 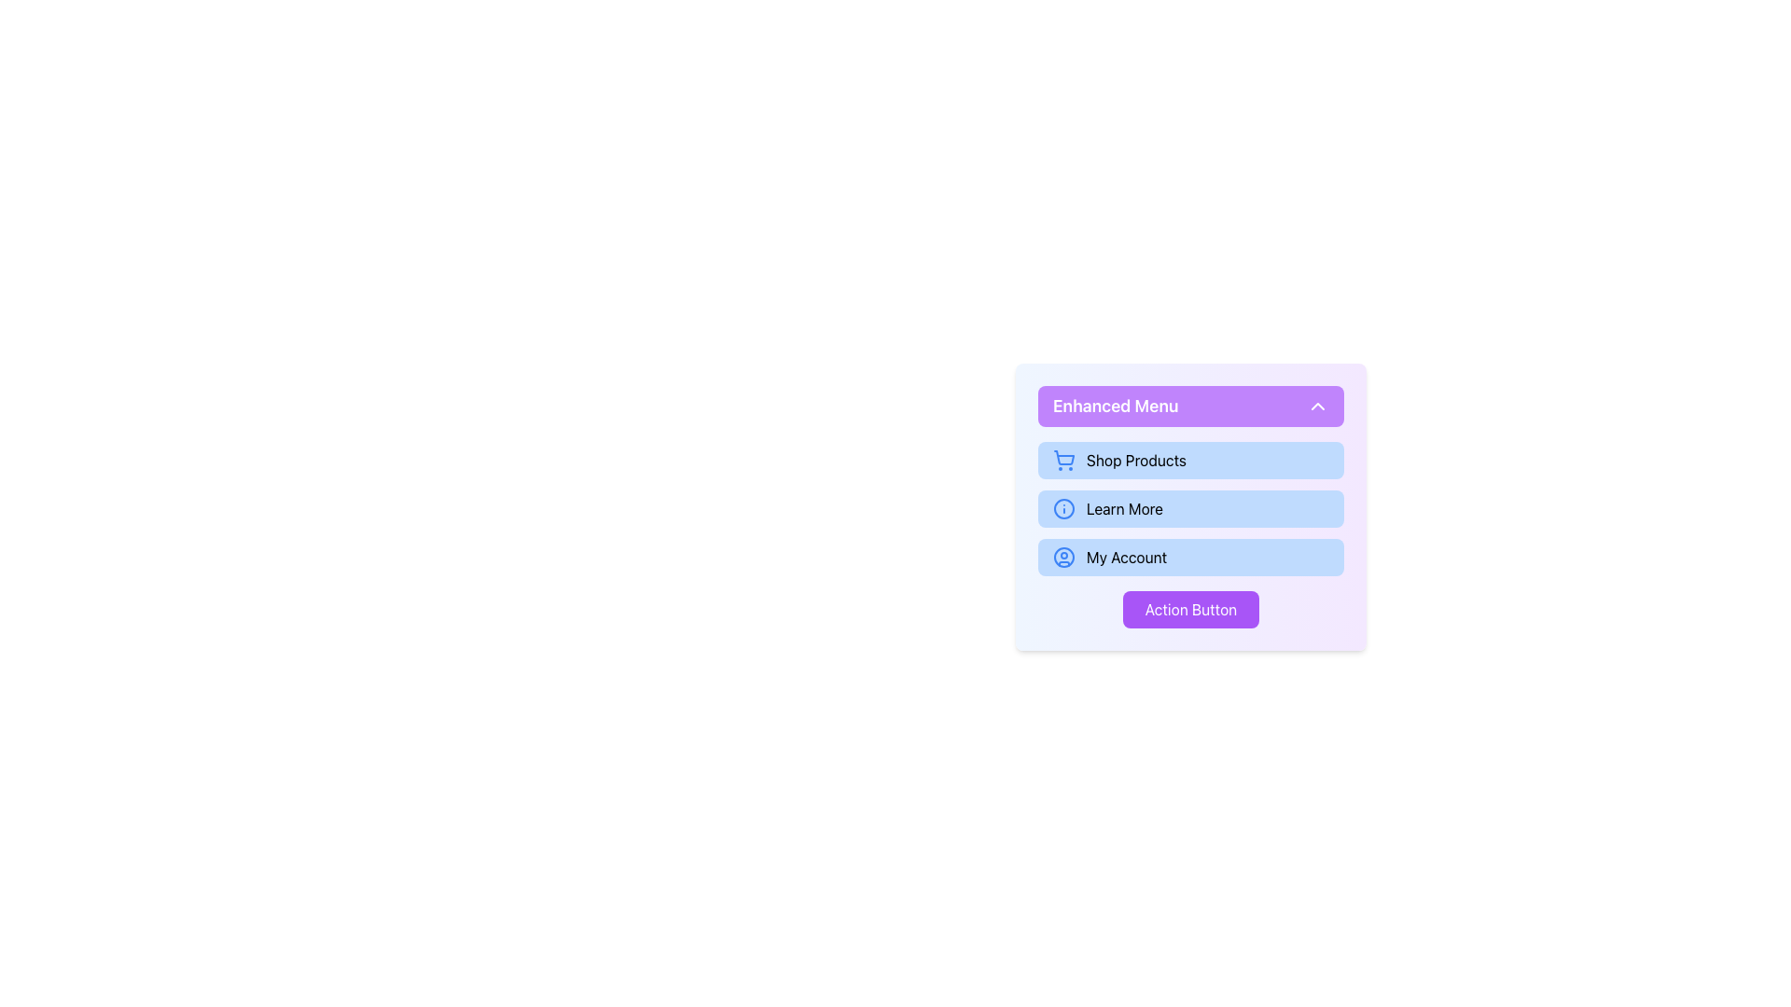 I want to click on the outermost circular layer of the user profile icon associated with the 'My Account' menu option, which is a decorative graphic element with a blue outline located in the third row of the menu, so click(x=1064, y=556).